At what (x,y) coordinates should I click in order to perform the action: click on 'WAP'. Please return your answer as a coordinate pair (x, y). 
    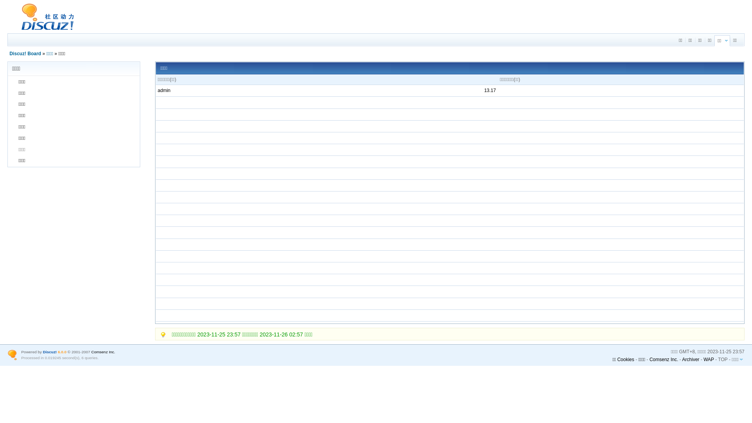
    Looking at the image, I should click on (709, 359).